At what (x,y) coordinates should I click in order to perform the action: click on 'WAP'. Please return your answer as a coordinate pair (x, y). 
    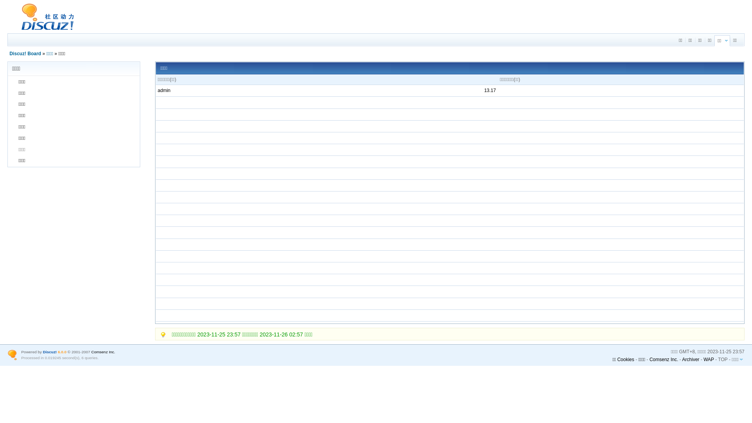
    Looking at the image, I should click on (709, 359).